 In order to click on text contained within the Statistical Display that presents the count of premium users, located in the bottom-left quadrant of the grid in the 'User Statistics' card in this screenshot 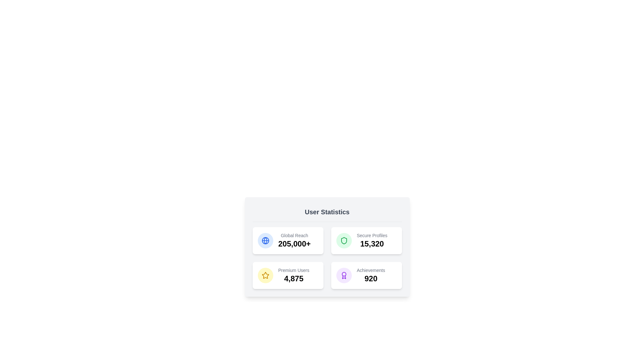, I will do `click(293, 275)`.